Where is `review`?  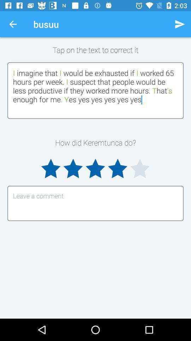
review is located at coordinates (95, 203).